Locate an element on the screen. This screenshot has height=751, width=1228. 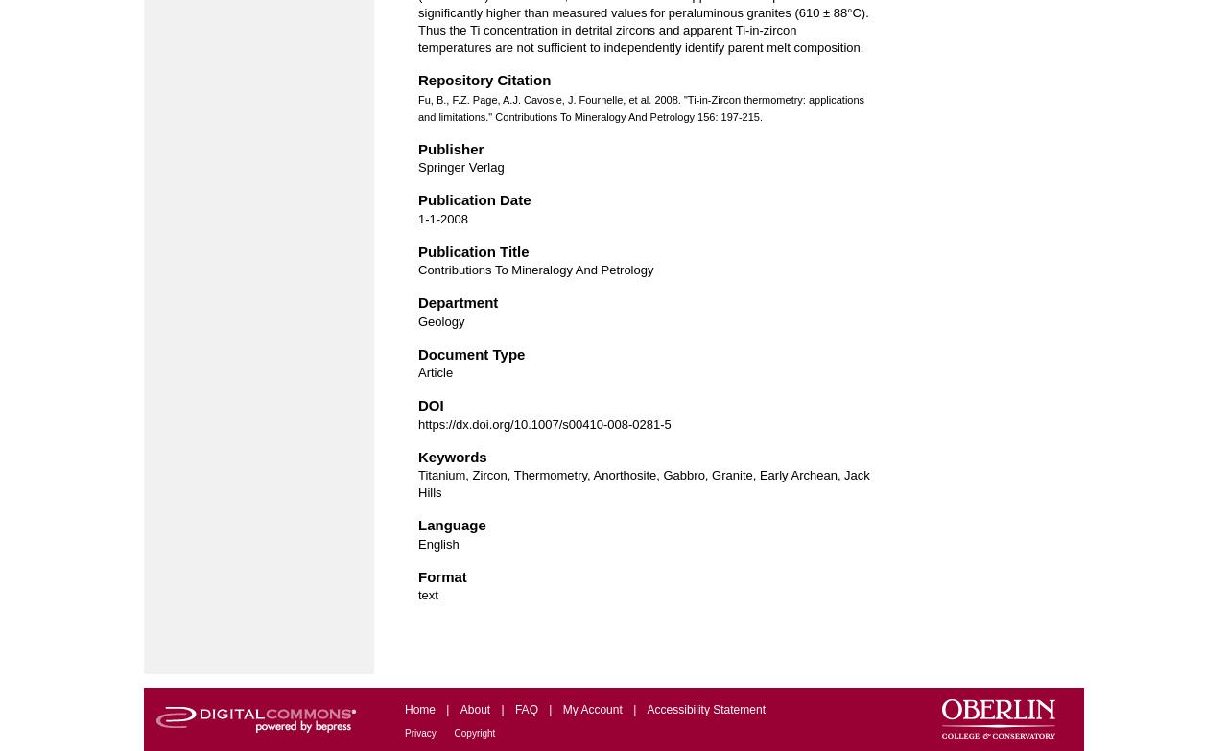
'Copyright' is located at coordinates (474, 732).